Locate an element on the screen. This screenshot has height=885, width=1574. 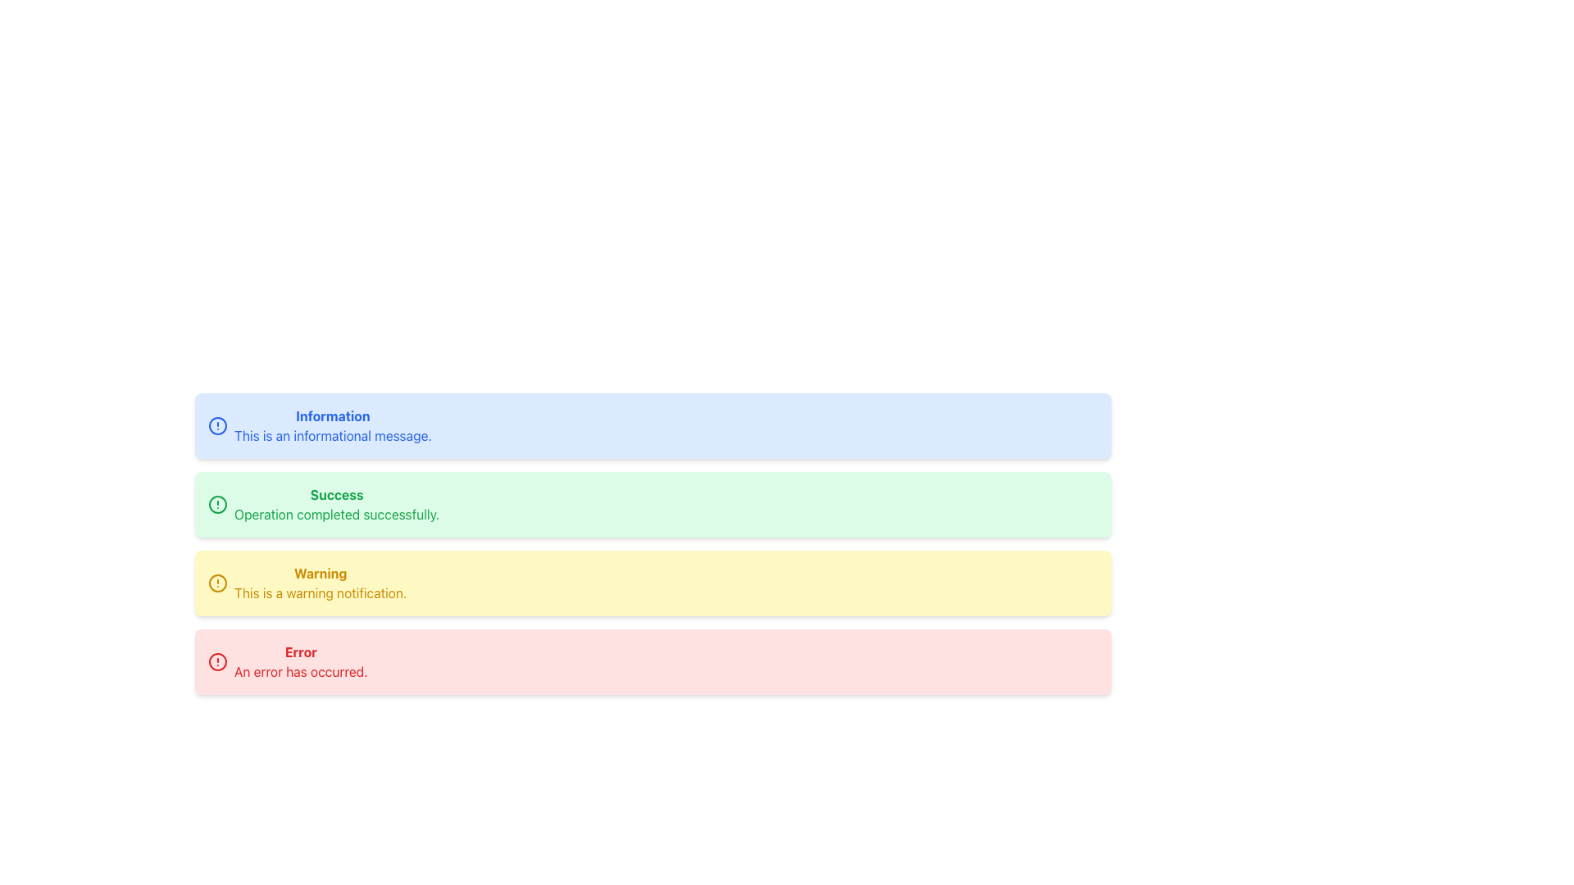
the bold green text label displaying 'Success' within the light green notification box, indicating a successful operation is located at coordinates (336, 494).